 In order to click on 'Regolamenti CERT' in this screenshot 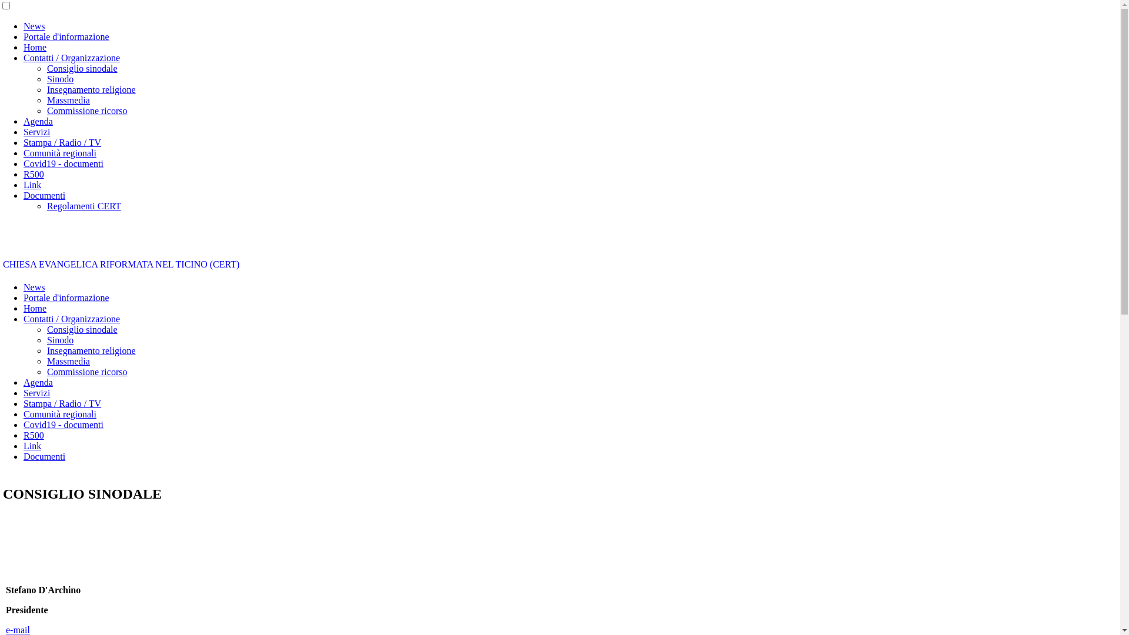, I will do `click(83, 205)`.